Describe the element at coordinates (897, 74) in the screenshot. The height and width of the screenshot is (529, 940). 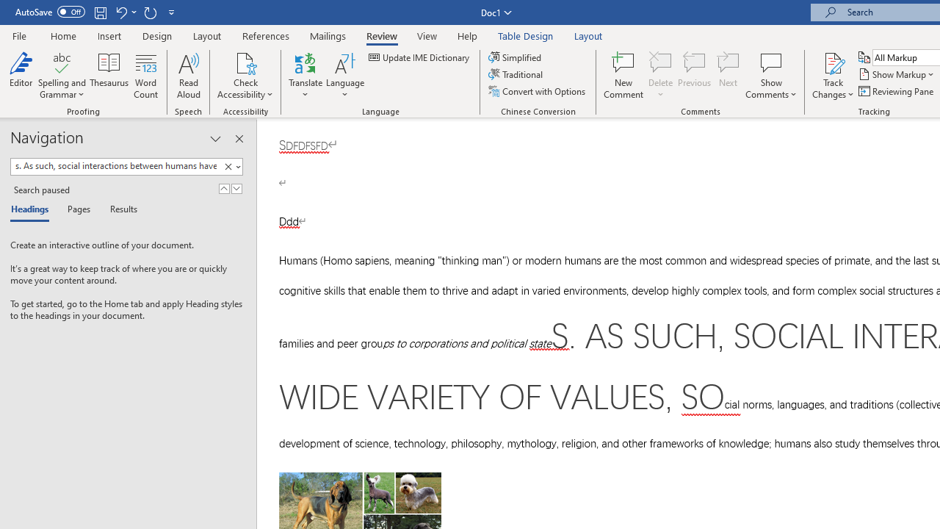
I see `'Show Markup'` at that location.